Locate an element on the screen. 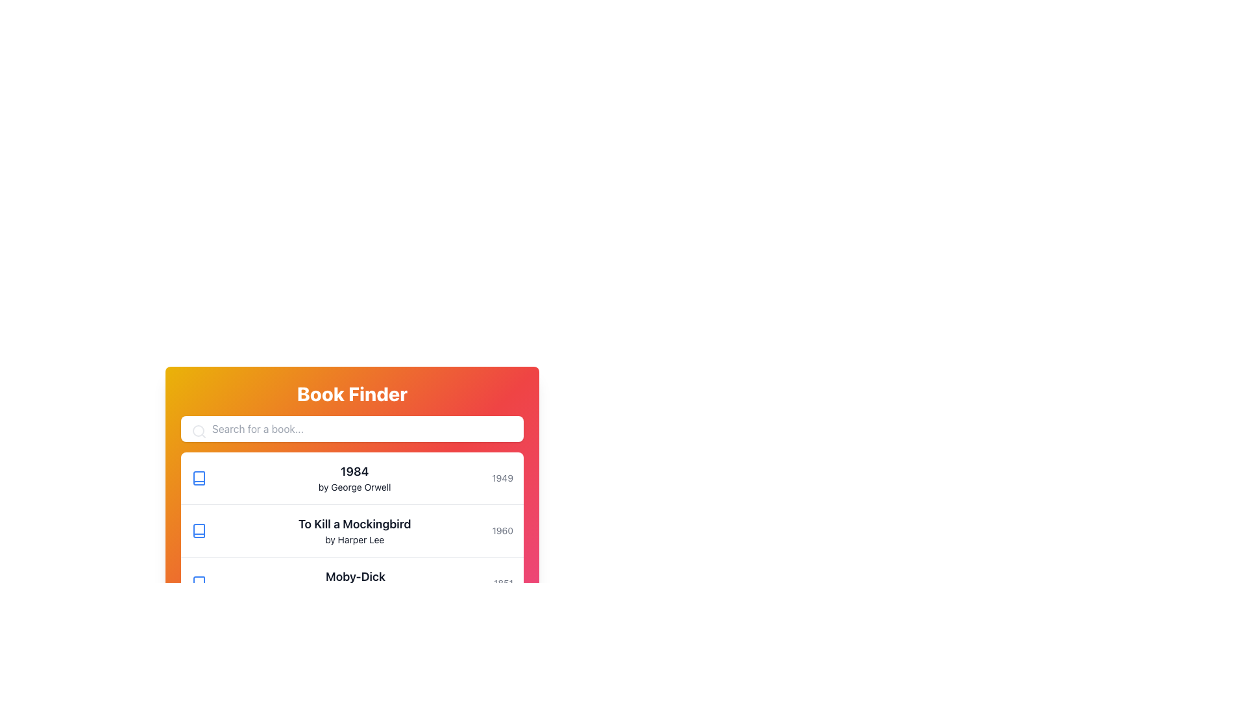 This screenshot has height=701, width=1246. the blue book icon located at the left end of the first entry in the list, adjacent to the text '1984 by George Orwell', below the search bar is located at coordinates (199, 478).